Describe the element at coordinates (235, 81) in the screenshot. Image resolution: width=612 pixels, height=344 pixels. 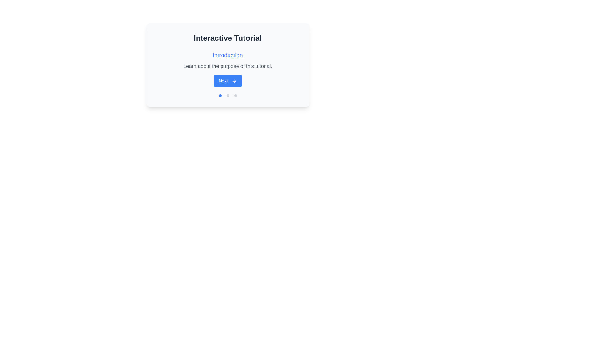
I see `the rightward triangle icon indicating movement associated with the 'Next' button` at that location.